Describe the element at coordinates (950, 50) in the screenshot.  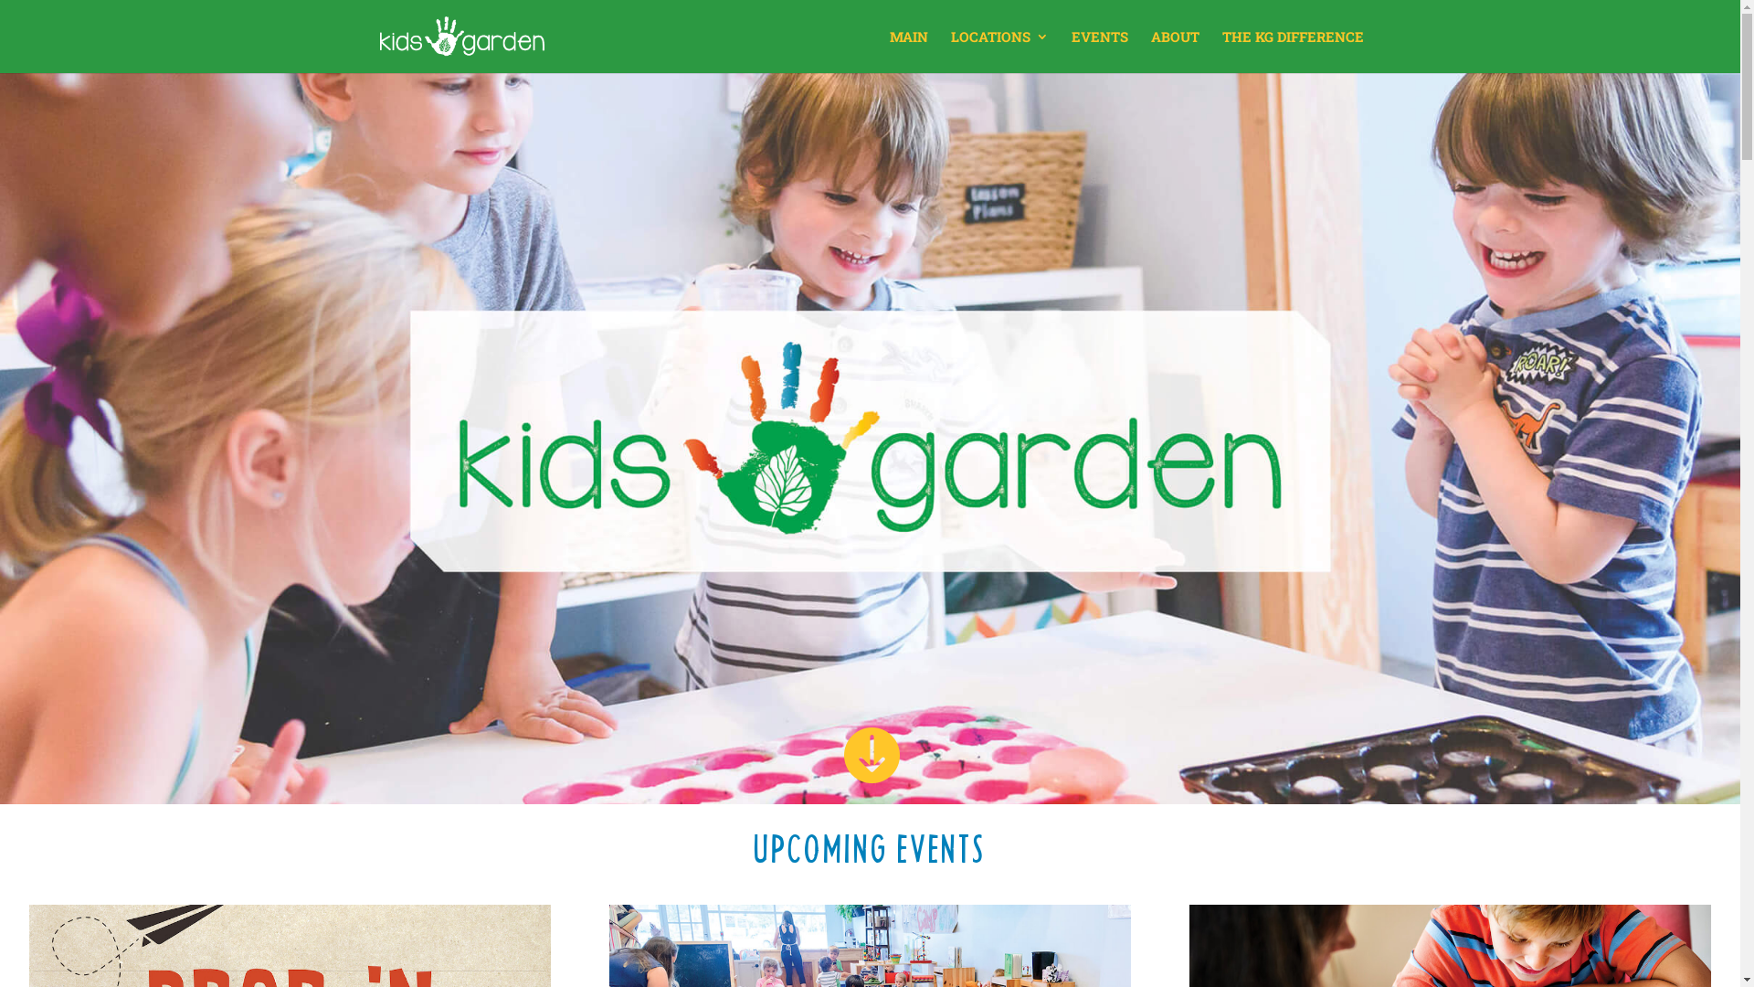
I see `'LOCATIONS'` at that location.